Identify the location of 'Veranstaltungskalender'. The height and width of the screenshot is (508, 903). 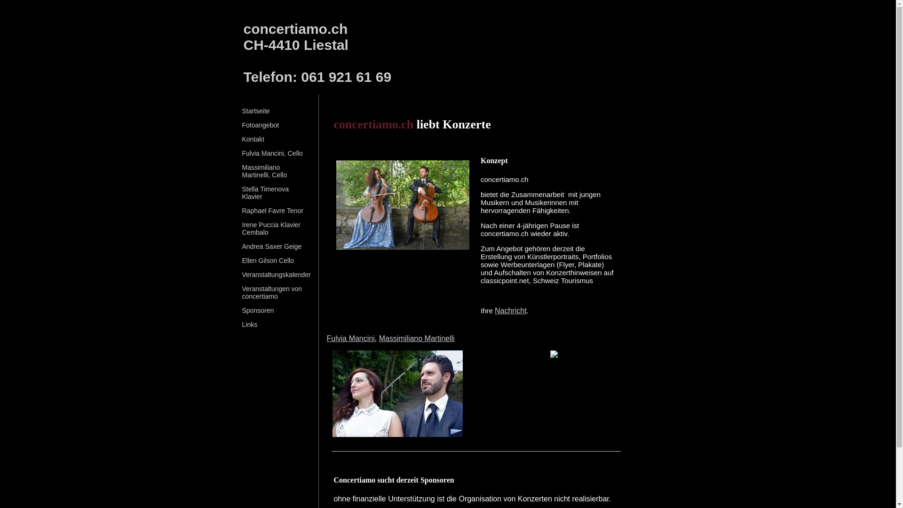
(275, 277).